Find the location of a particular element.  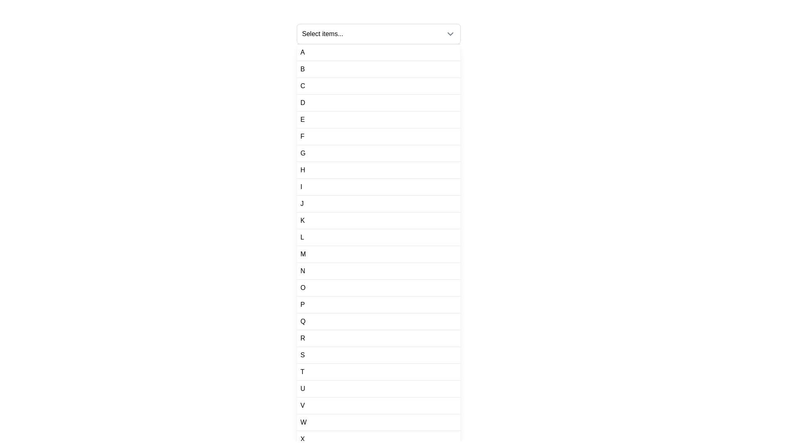

the selectable list item for the letter 'C', which is the third row item in the alphabetical selection menu is located at coordinates (378, 86).